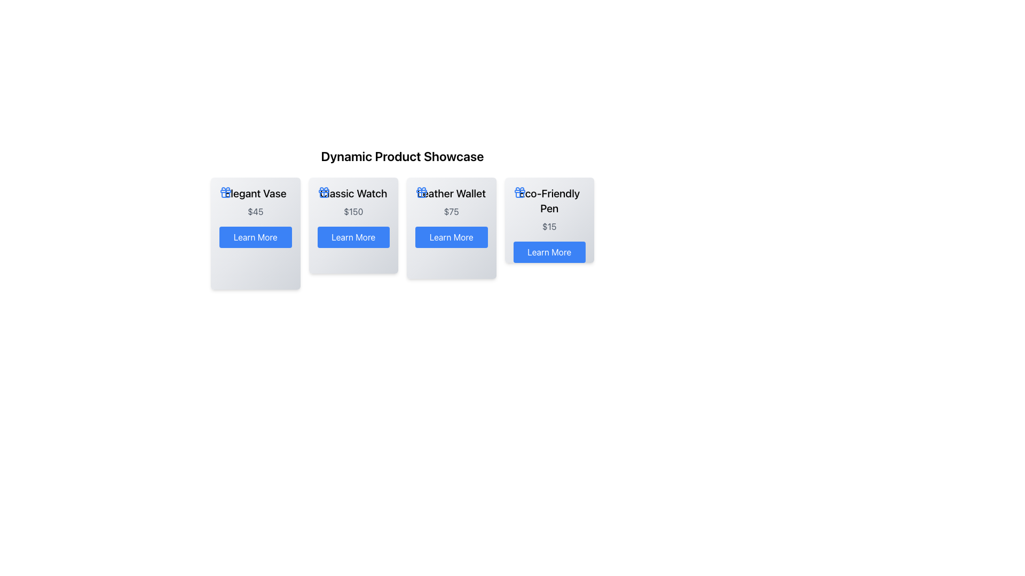 The height and width of the screenshot is (576, 1025). I want to click on the decorative SVG shape that appears as a rectangular ribbon element, styled with a solid fill and rounded corners, located in the top-left portion of the gift icon, so click(323, 190).